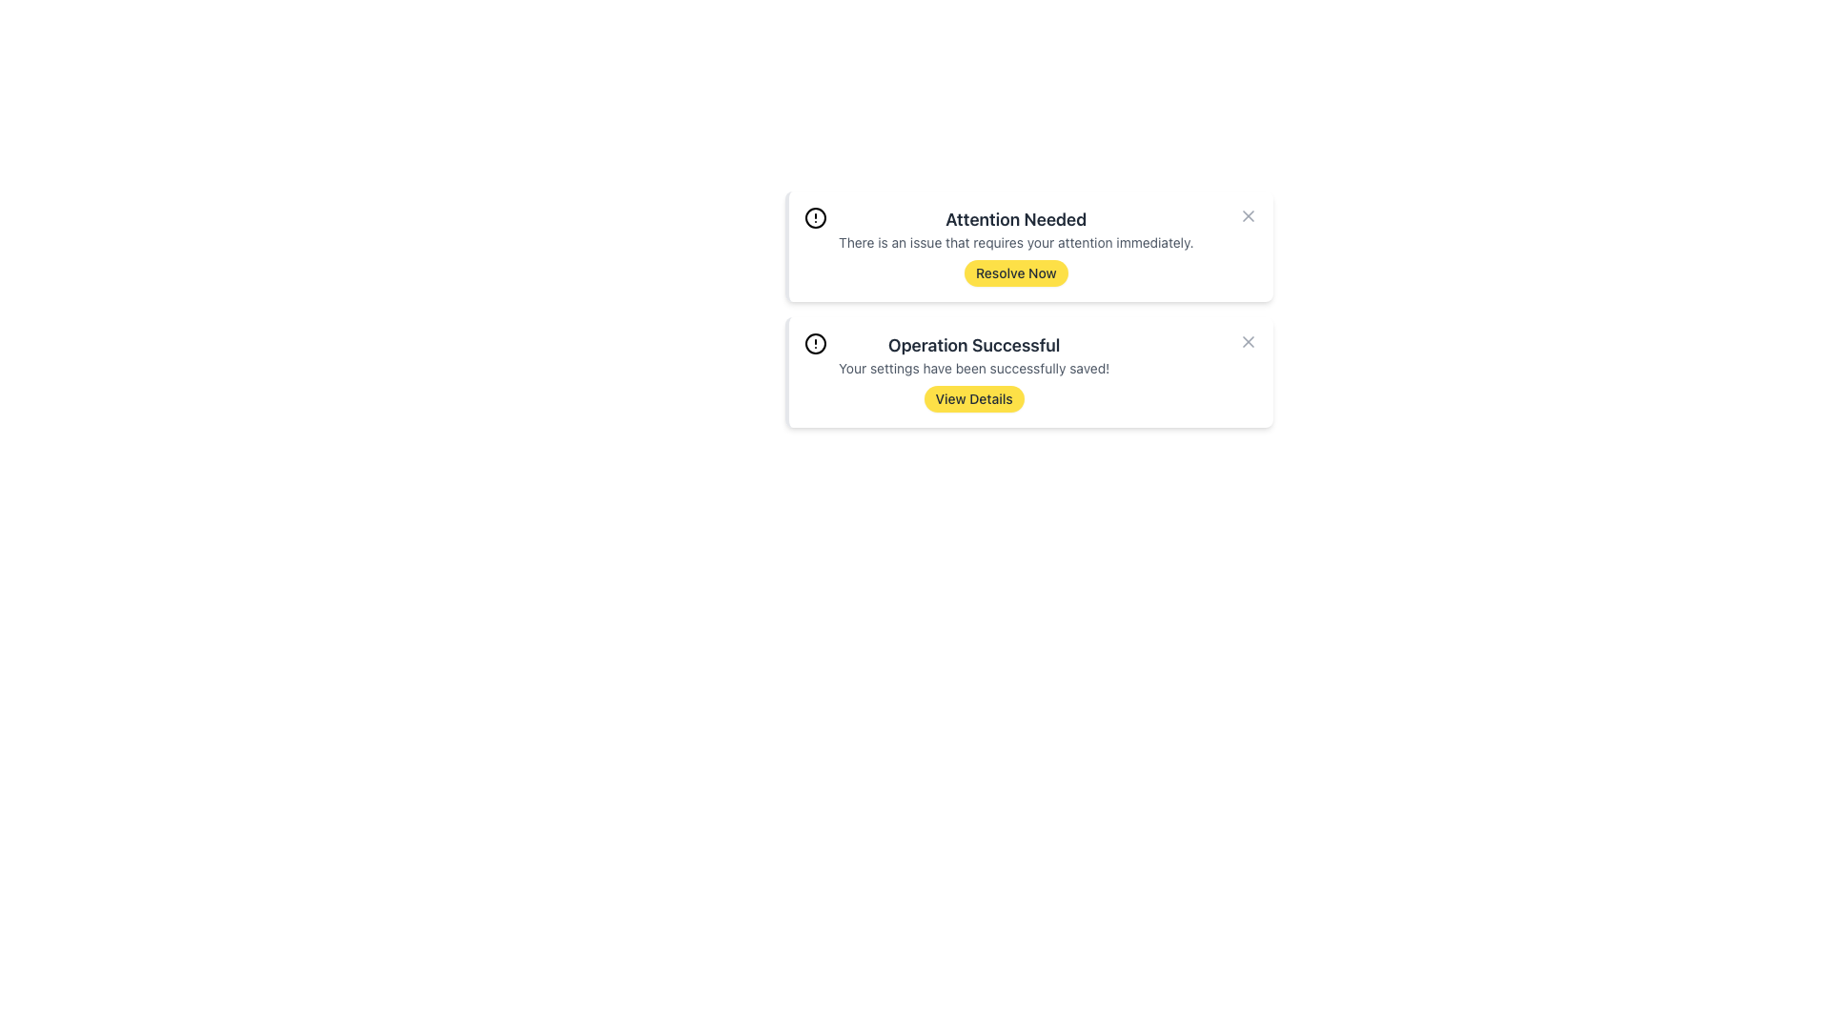  I want to click on the close button located at the top-right corner of the 'Attention Needed' message box, so click(1249, 215).